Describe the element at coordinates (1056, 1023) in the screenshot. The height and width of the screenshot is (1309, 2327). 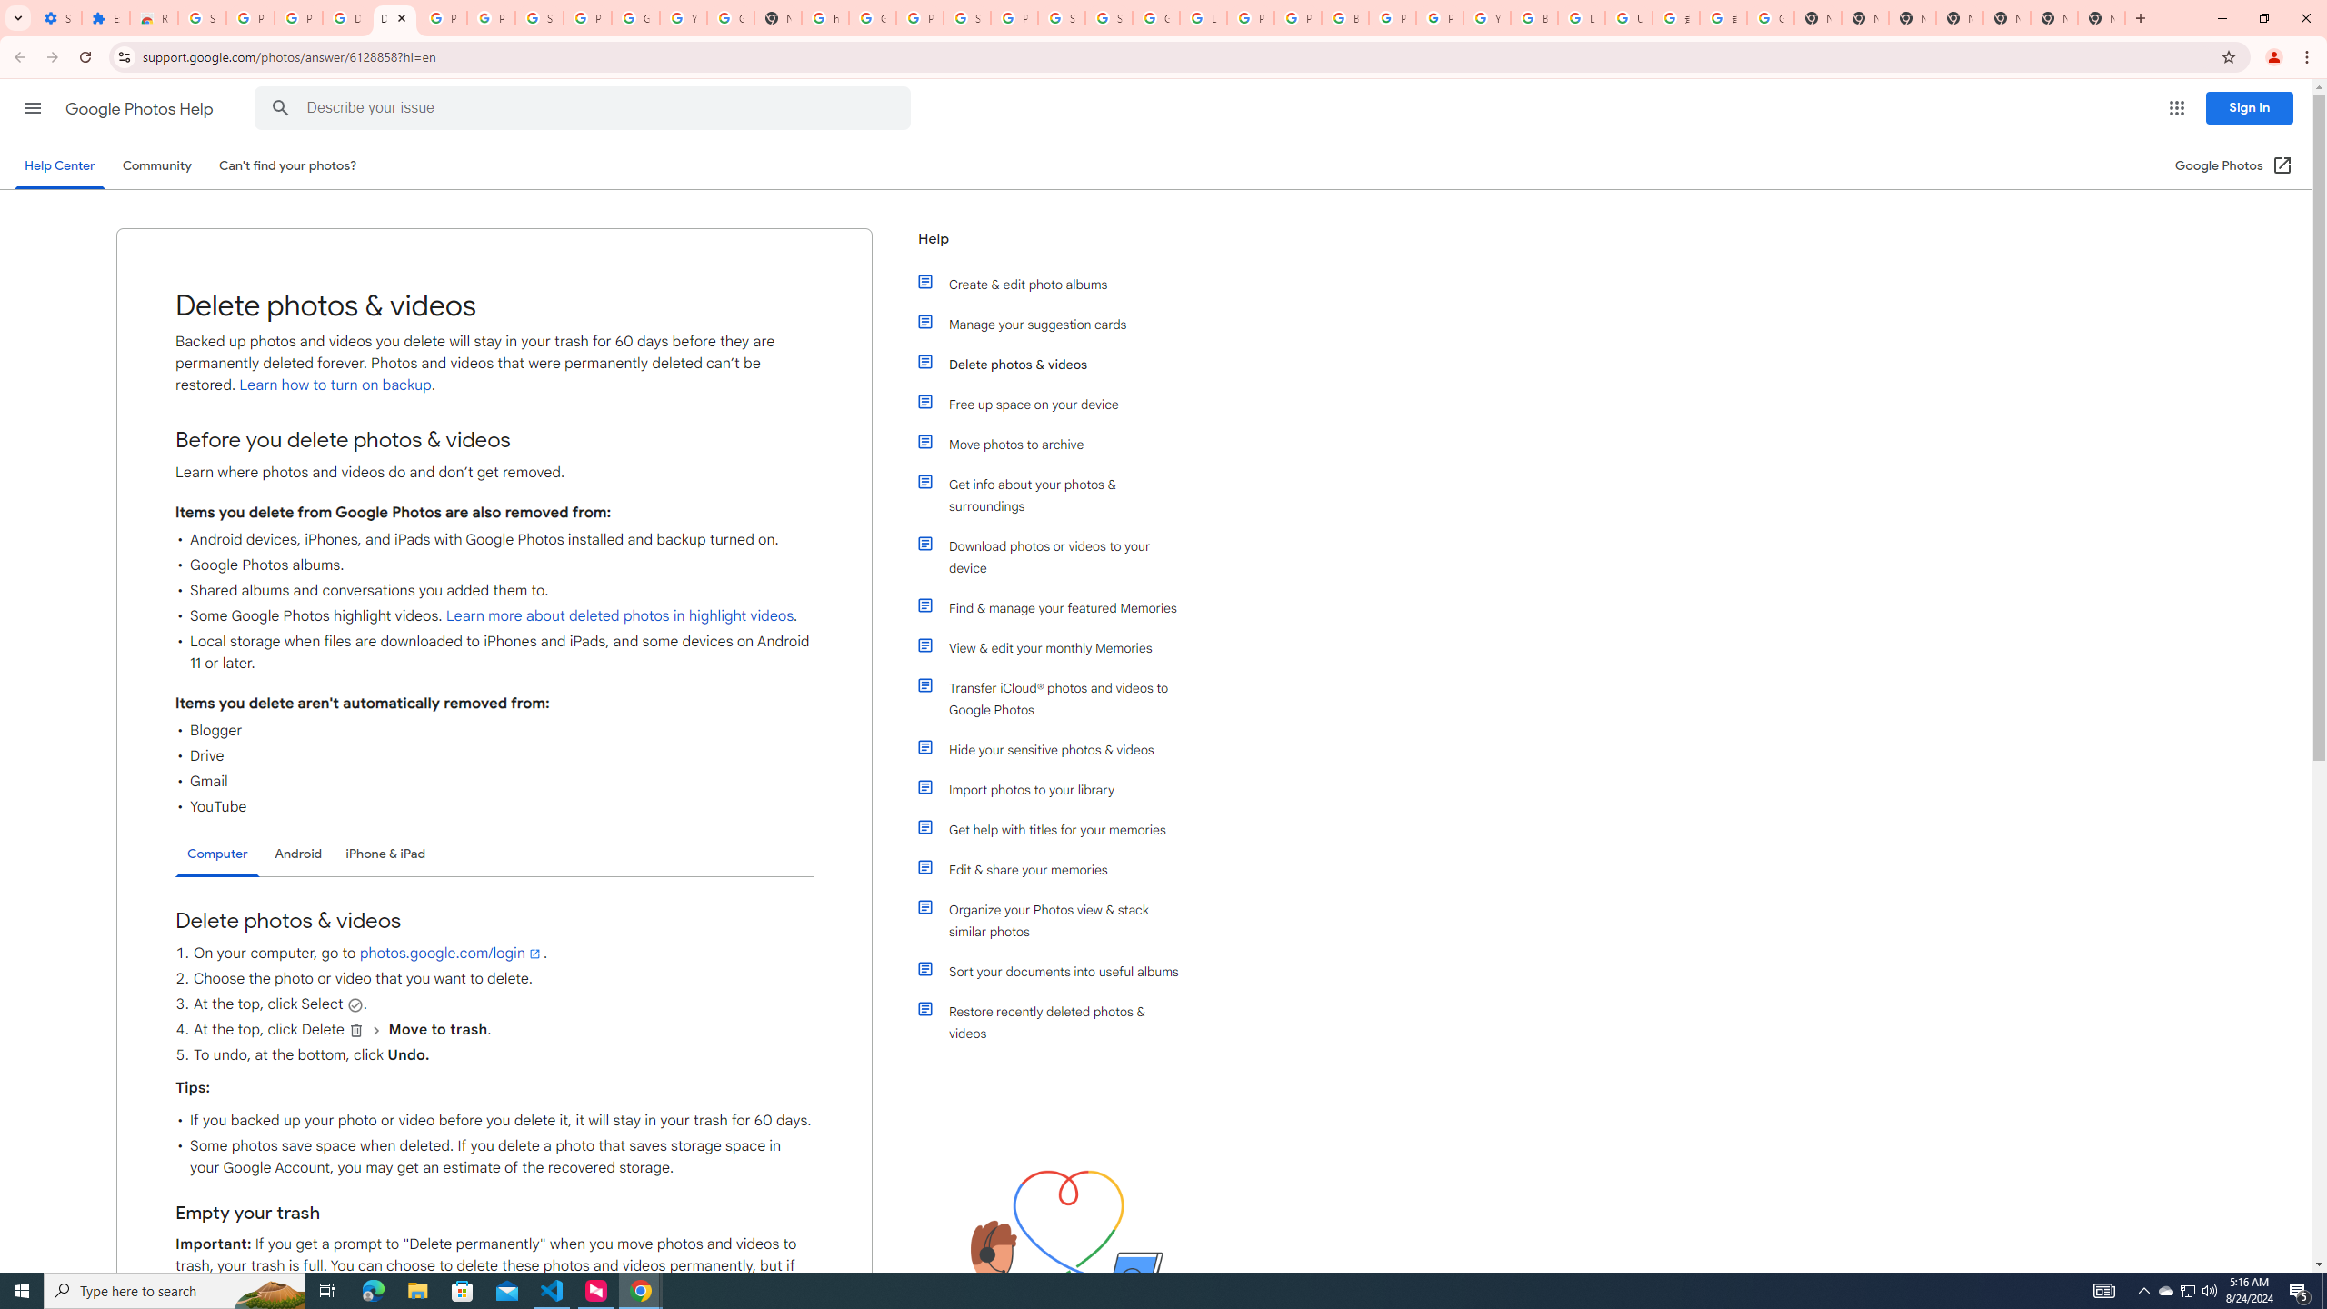
I see `'Restore recently deleted photos & videos'` at that location.